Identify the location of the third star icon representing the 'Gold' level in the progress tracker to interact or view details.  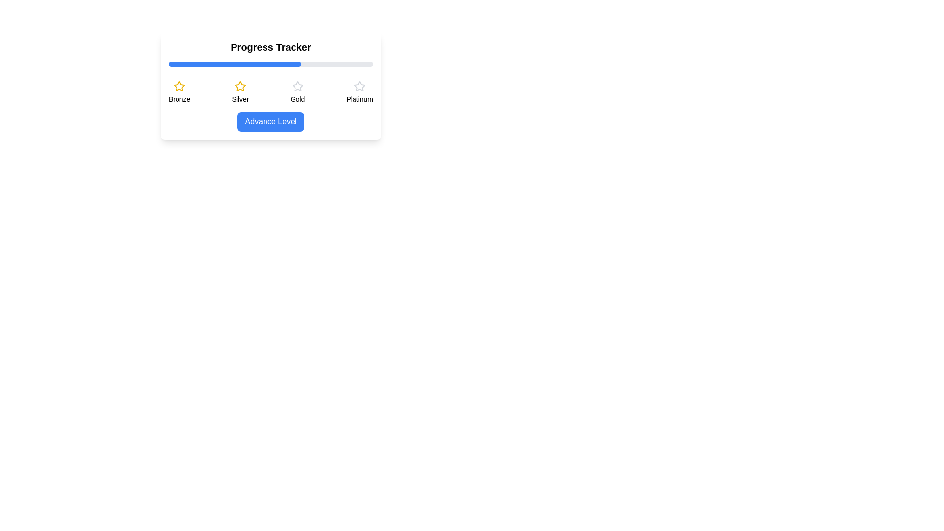
(297, 86).